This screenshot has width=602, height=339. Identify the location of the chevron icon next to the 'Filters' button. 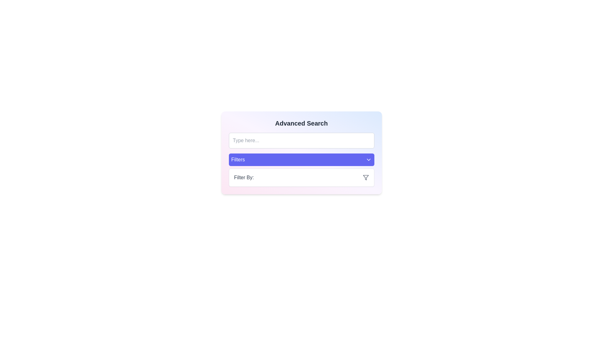
(368, 159).